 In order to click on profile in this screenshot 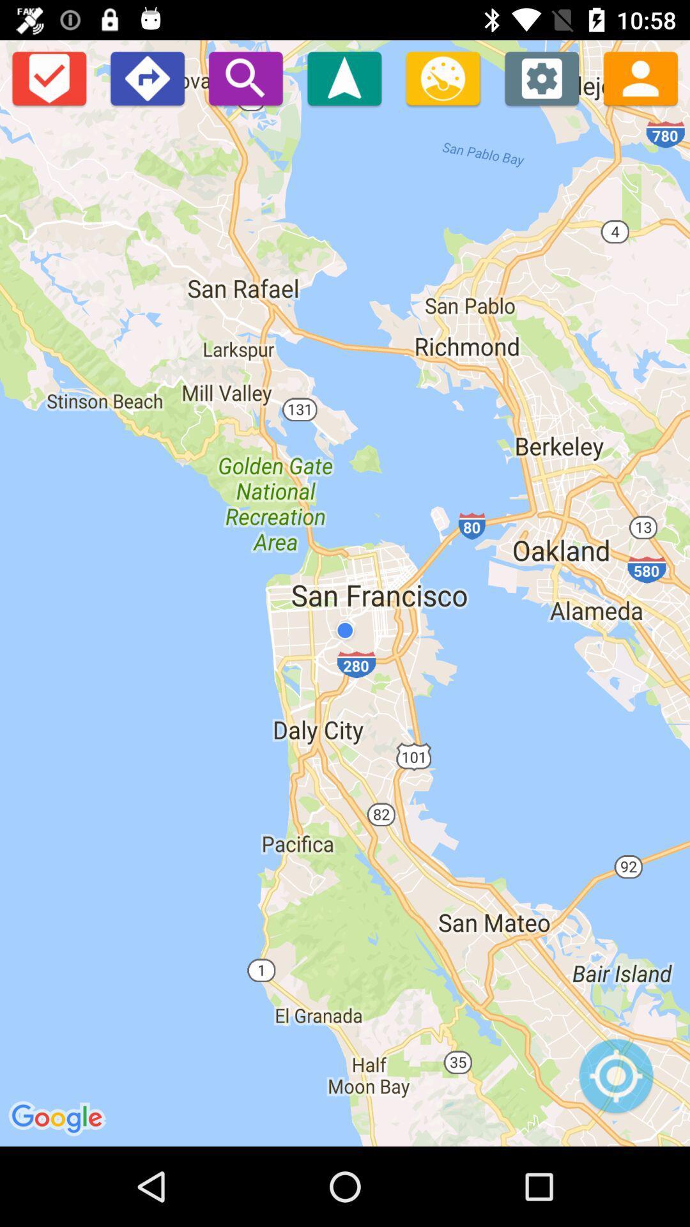, I will do `click(640, 77)`.